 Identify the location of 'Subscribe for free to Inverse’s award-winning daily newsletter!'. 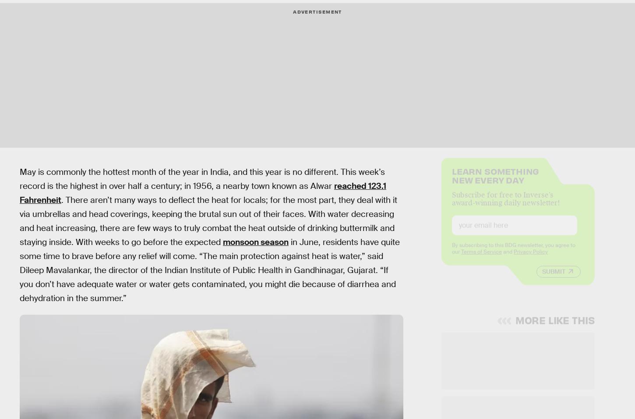
(505, 206).